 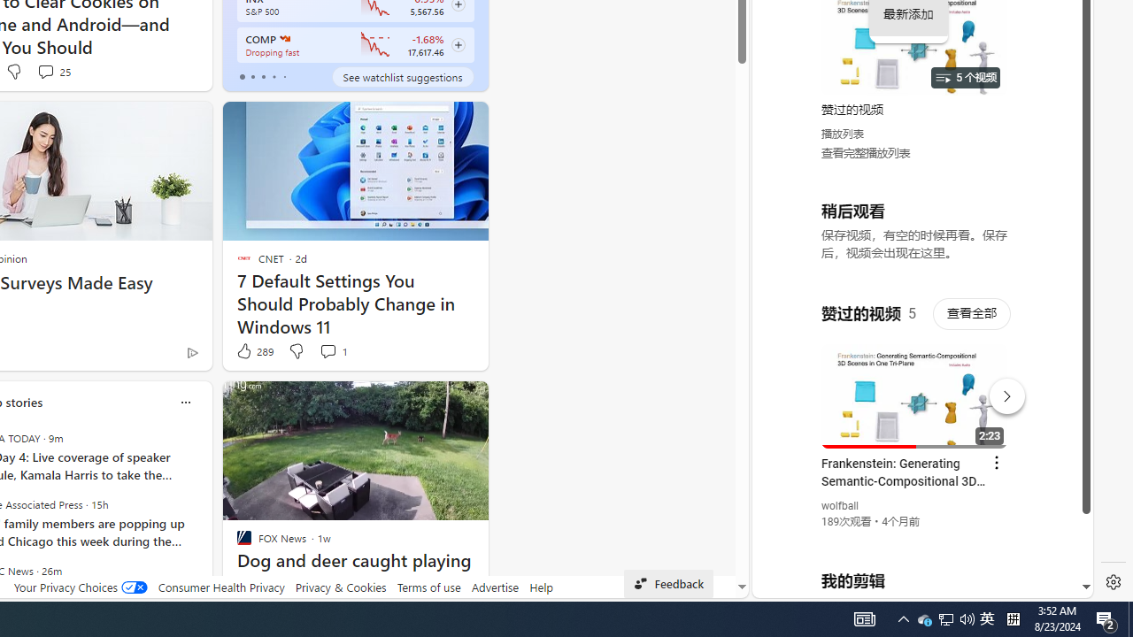 What do you see at coordinates (458, 44) in the screenshot?
I see `'Class: follow-button  m'` at bounding box center [458, 44].